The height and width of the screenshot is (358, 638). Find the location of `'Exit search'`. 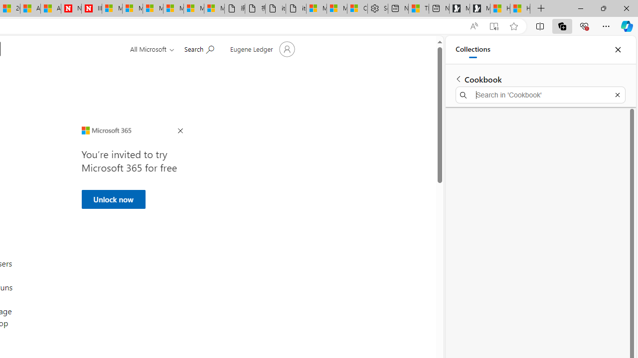

'Exit search' is located at coordinates (617, 95).